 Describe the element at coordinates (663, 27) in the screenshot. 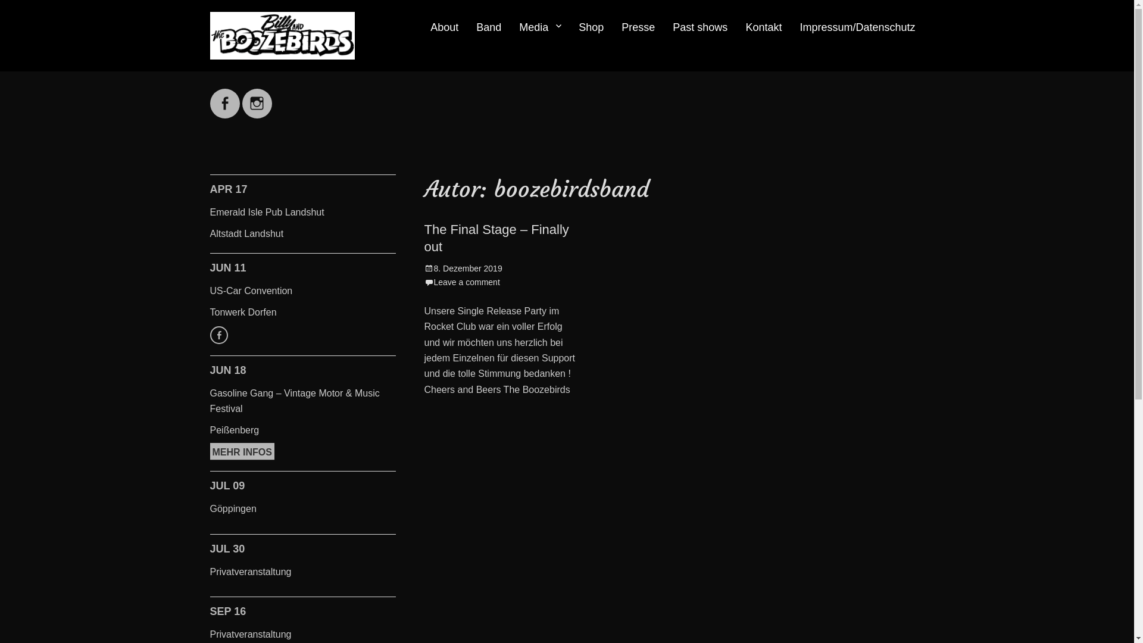

I see `'Past shows'` at that location.